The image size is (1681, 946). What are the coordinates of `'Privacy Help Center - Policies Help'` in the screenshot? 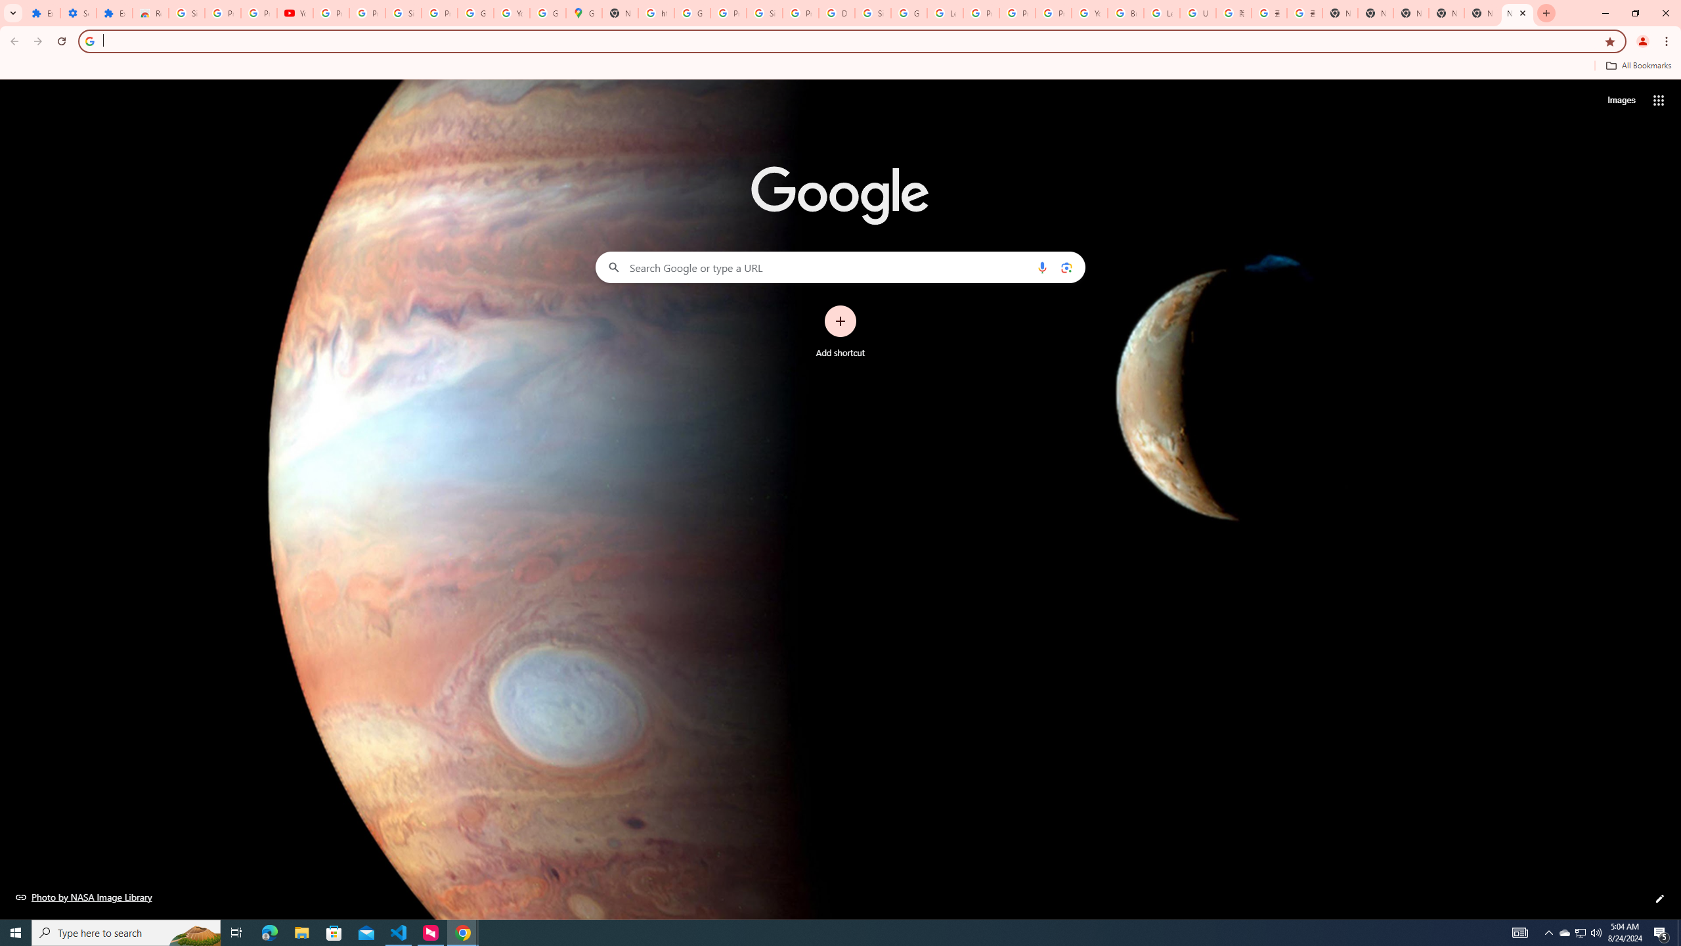 It's located at (1017, 12).